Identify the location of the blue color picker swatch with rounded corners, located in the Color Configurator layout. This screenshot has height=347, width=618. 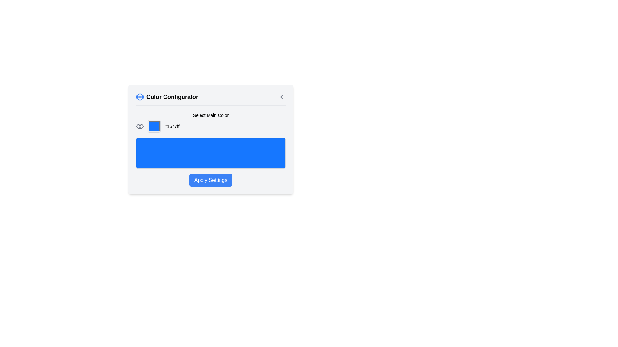
(154, 126).